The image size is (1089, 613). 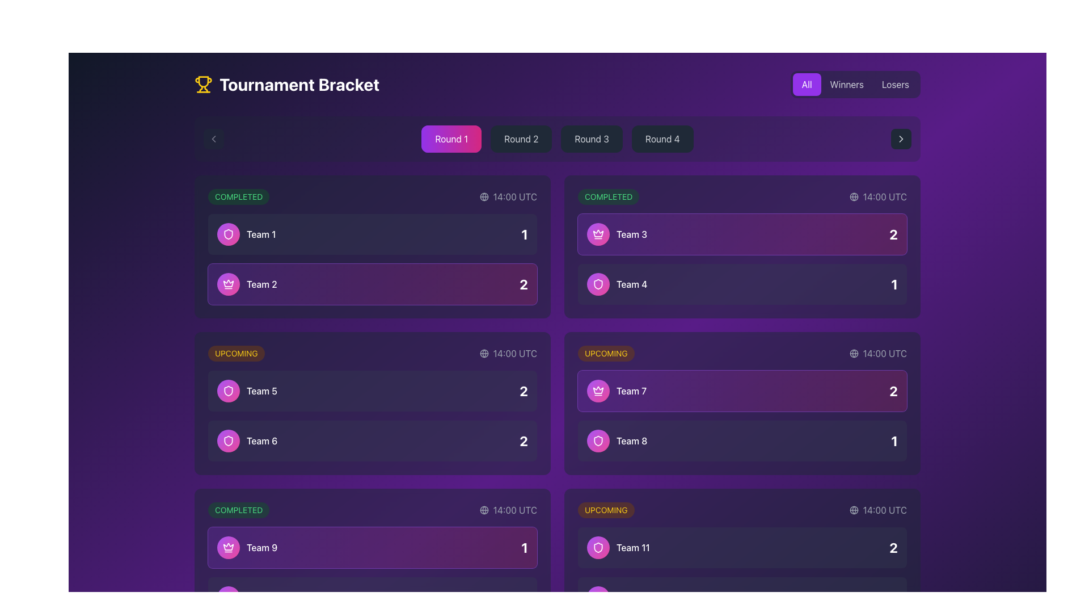 What do you see at coordinates (854, 353) in the screenshot?
I see `the SVG circle element that represents the center of the globe icon, located to the right of the team match information and near the match time indication` at bounding box center [854, 353].